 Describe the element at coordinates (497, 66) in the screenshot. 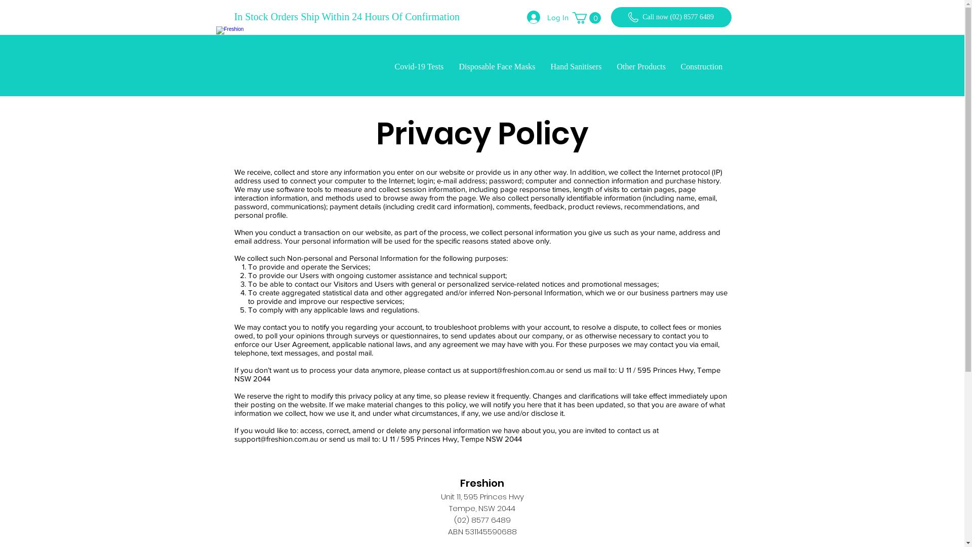

I see `'Disposable Face Masks'` at that location.